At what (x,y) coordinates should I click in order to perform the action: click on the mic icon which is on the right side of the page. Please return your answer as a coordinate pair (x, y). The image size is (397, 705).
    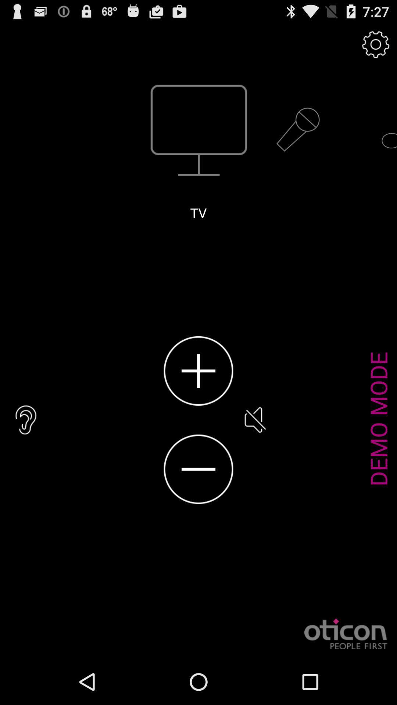
    Looking at the image, I should click on (298, 130).